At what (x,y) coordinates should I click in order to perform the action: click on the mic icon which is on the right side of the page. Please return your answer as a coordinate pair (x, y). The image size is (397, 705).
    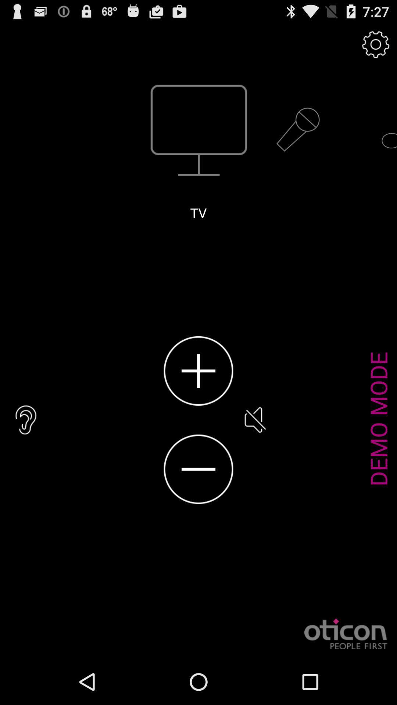
    Looking at the image, I should click on (298, 130).